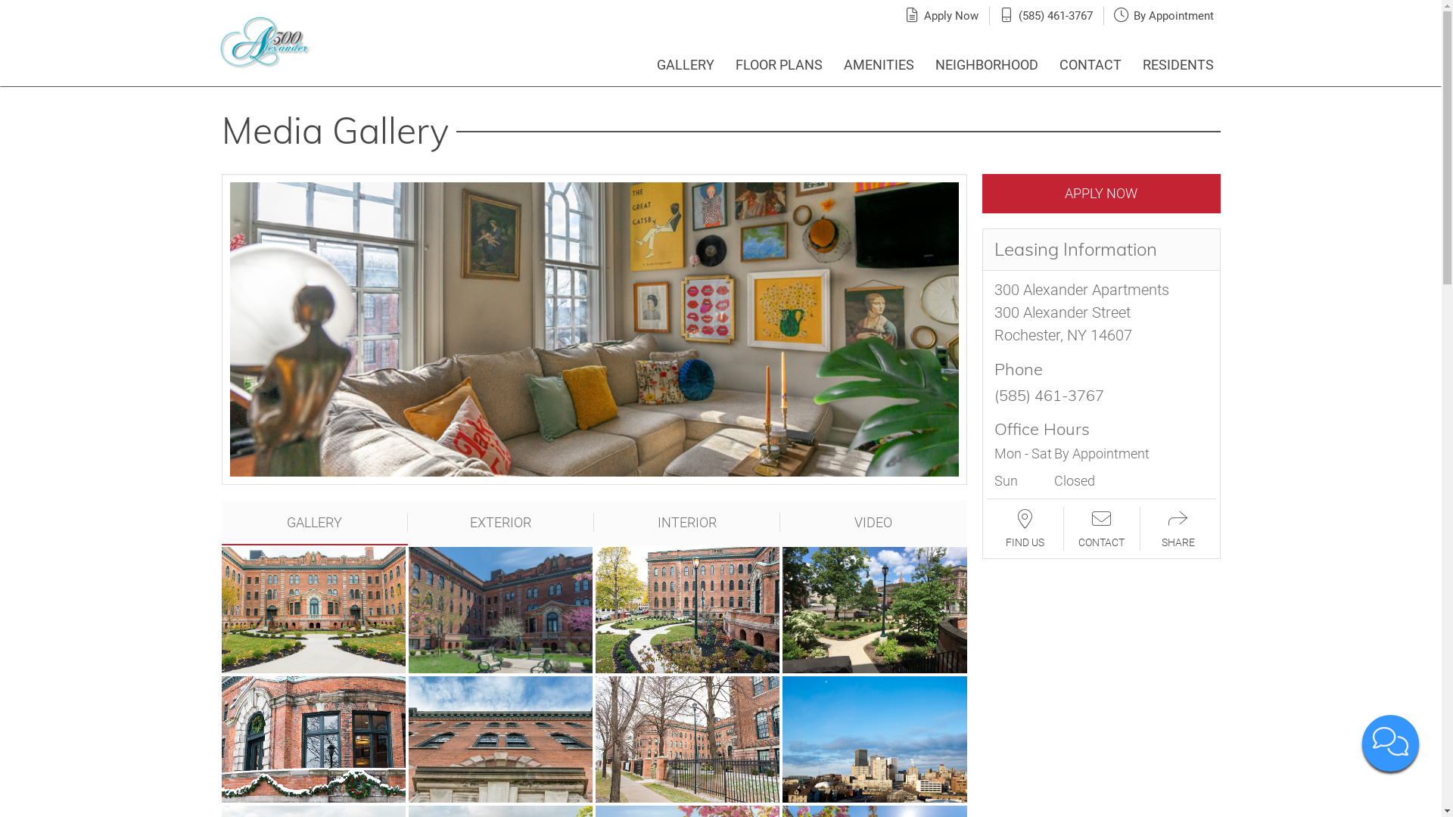 The height and width of the screenshot is (817, 1453). What do you see at coordinates (407, 521) in the screenshot?
I see `'EXTERIOR'` at bounding box center [407, 521].